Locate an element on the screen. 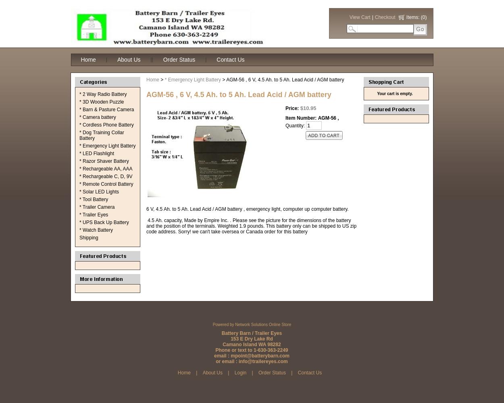 Image resolution: width=504 pixels, height=403 pixels. 'Powered by Network Solutions Online Store' is located at coordinates (251, 324).